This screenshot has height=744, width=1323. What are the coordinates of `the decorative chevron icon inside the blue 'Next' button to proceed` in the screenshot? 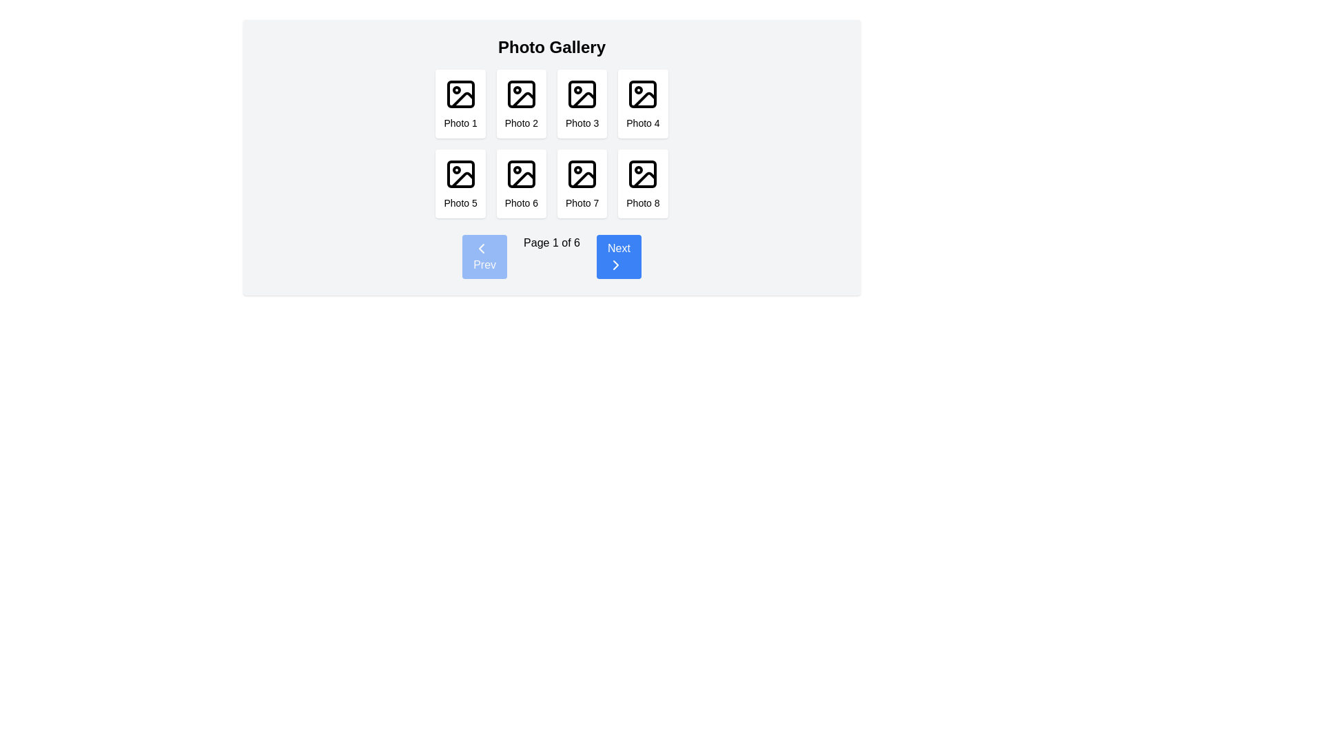 It's located at (615, 265).